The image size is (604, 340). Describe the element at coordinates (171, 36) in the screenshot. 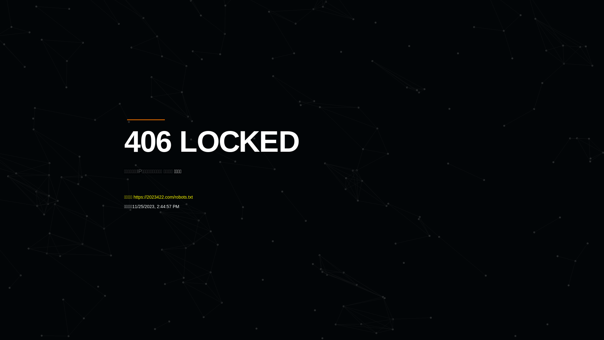

I see `'Quatro'` at that location.